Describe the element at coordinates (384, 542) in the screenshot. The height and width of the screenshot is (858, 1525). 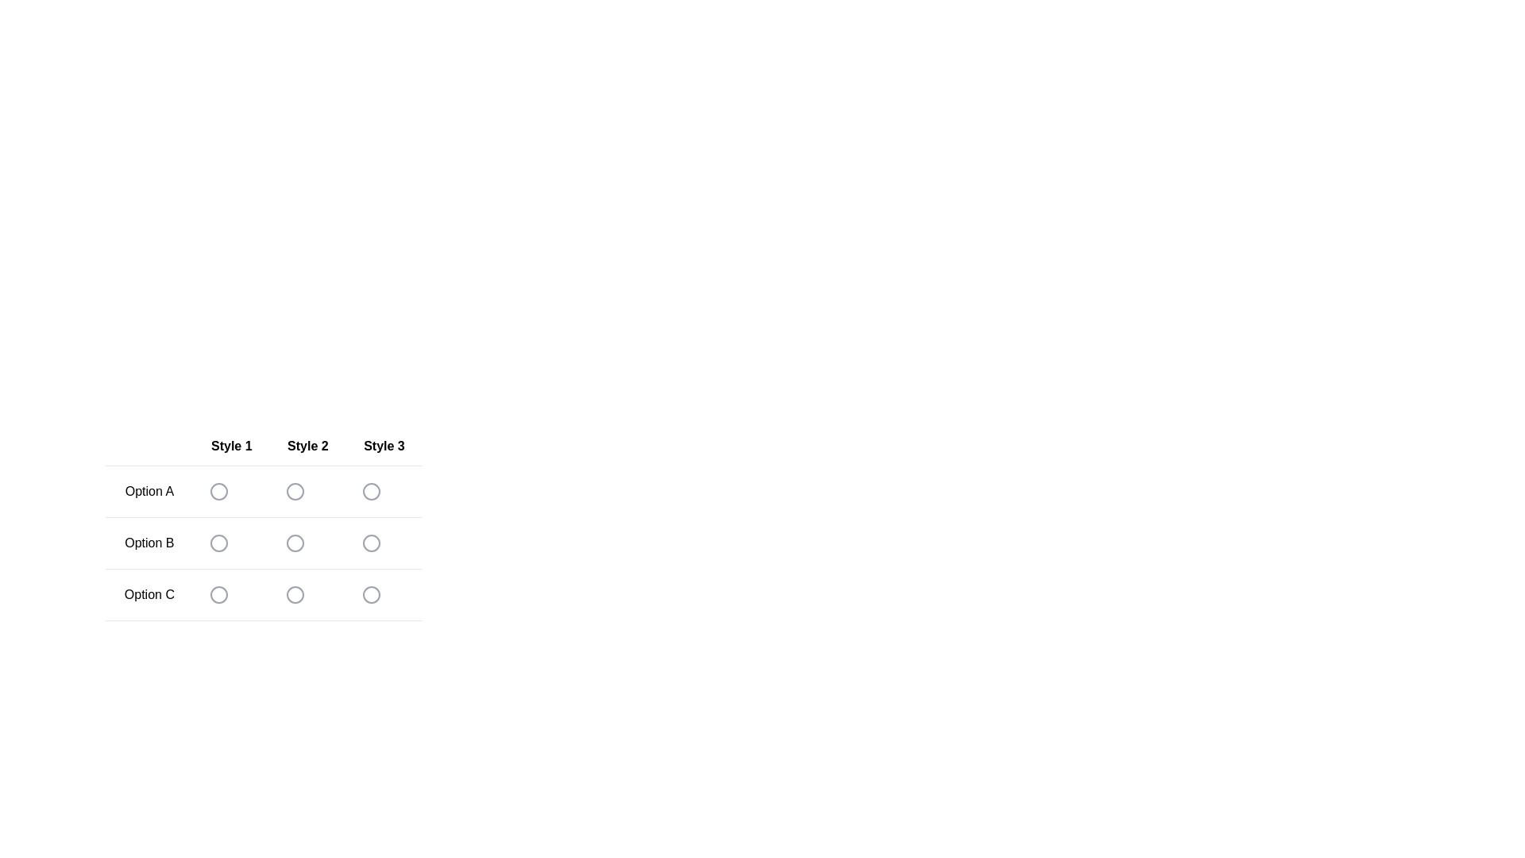
I see `the unselected radio button located under 'Style 3' and aligned with 'Option B'` at that location.